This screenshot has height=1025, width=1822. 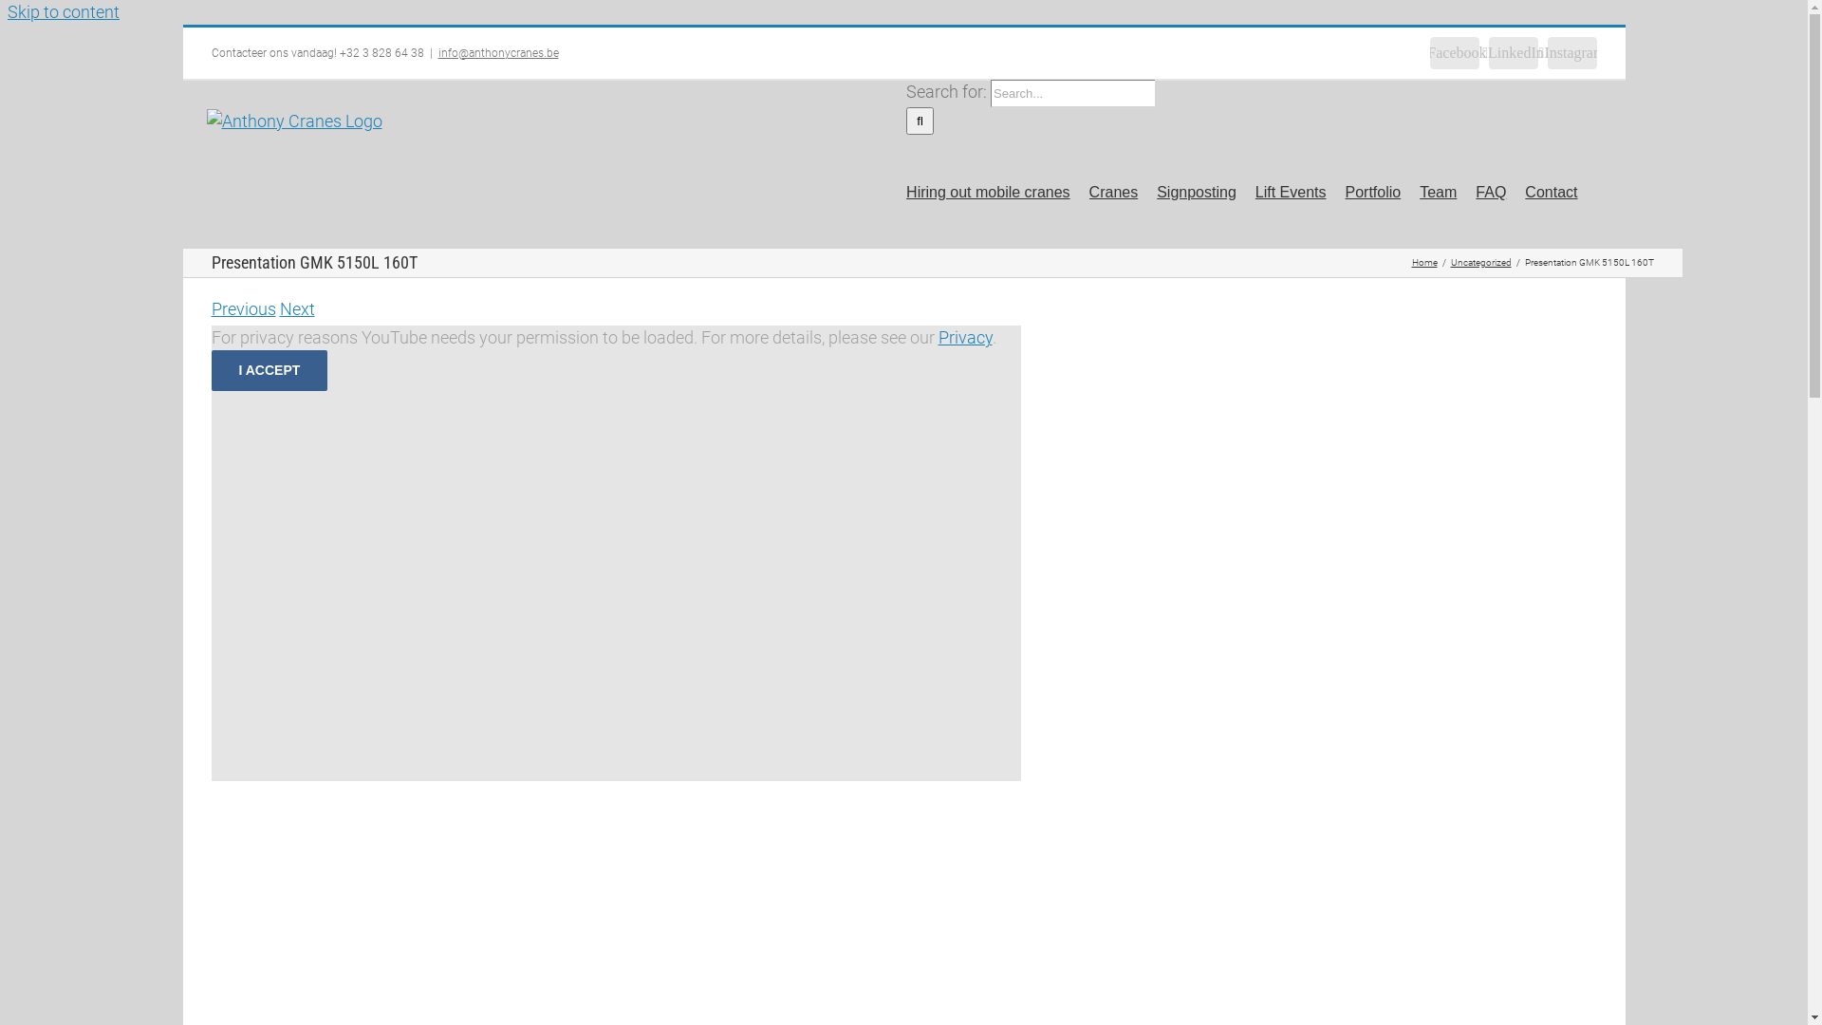 What do you see at coordinates (1255, 191) in the screenshot?
I see `'Lift Events'` at bounding box center [1255, 191].